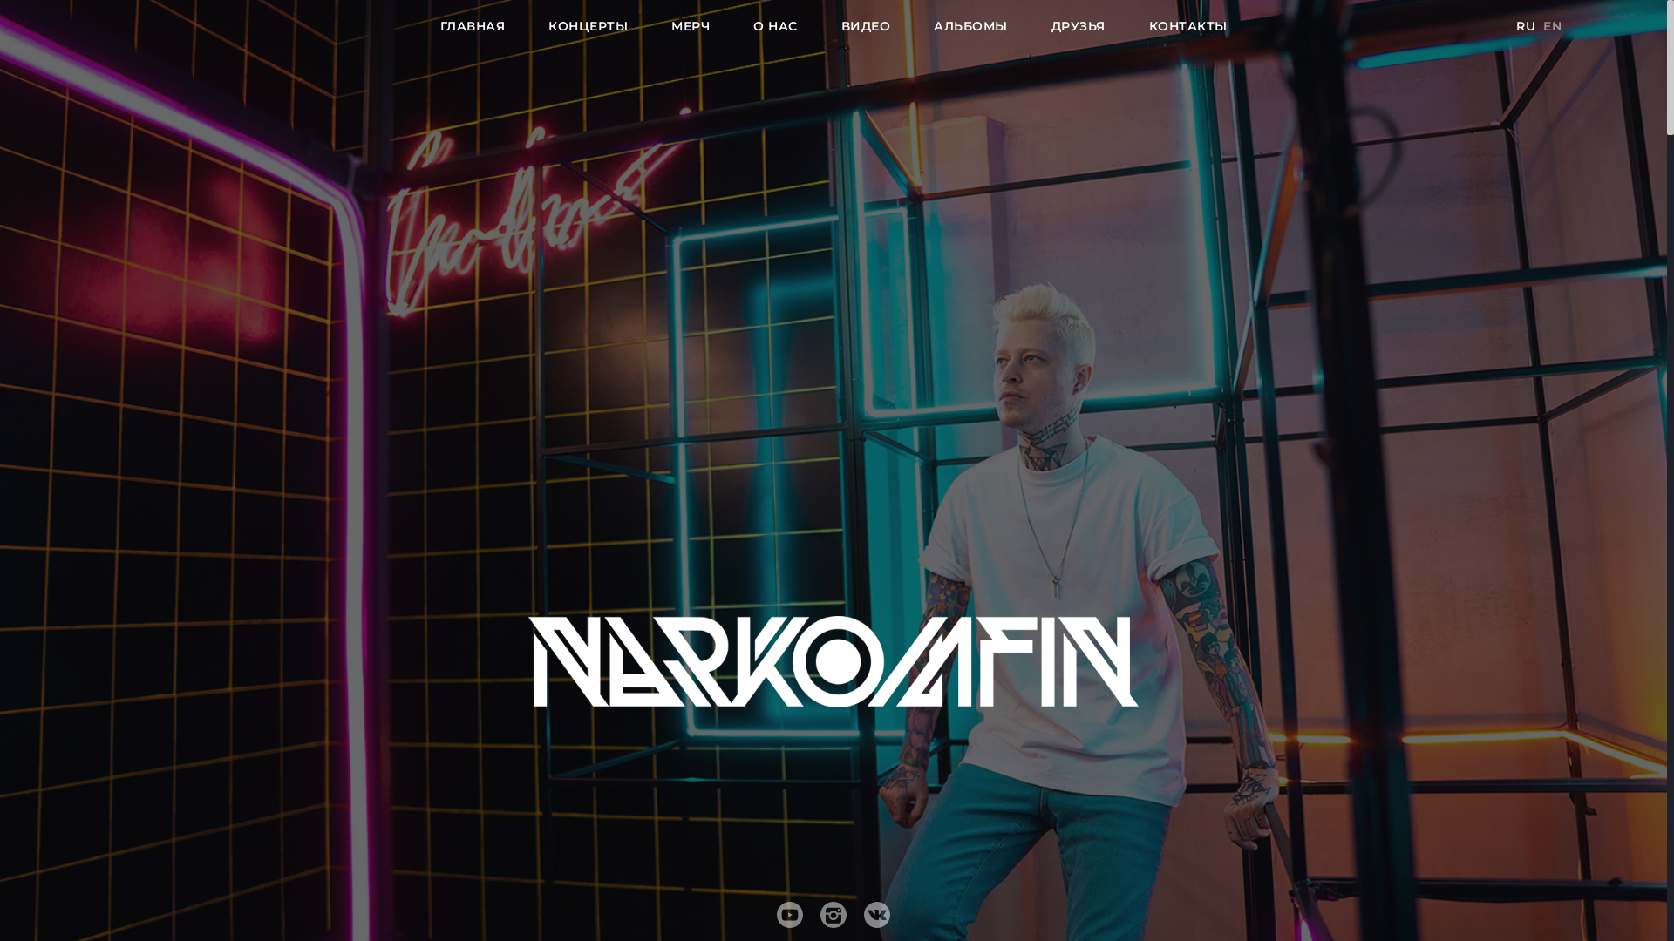 The image size is (1674, 941). Describe the element at coordinates (1552, 26) in the screenshot. I see `'EN'` at that location.